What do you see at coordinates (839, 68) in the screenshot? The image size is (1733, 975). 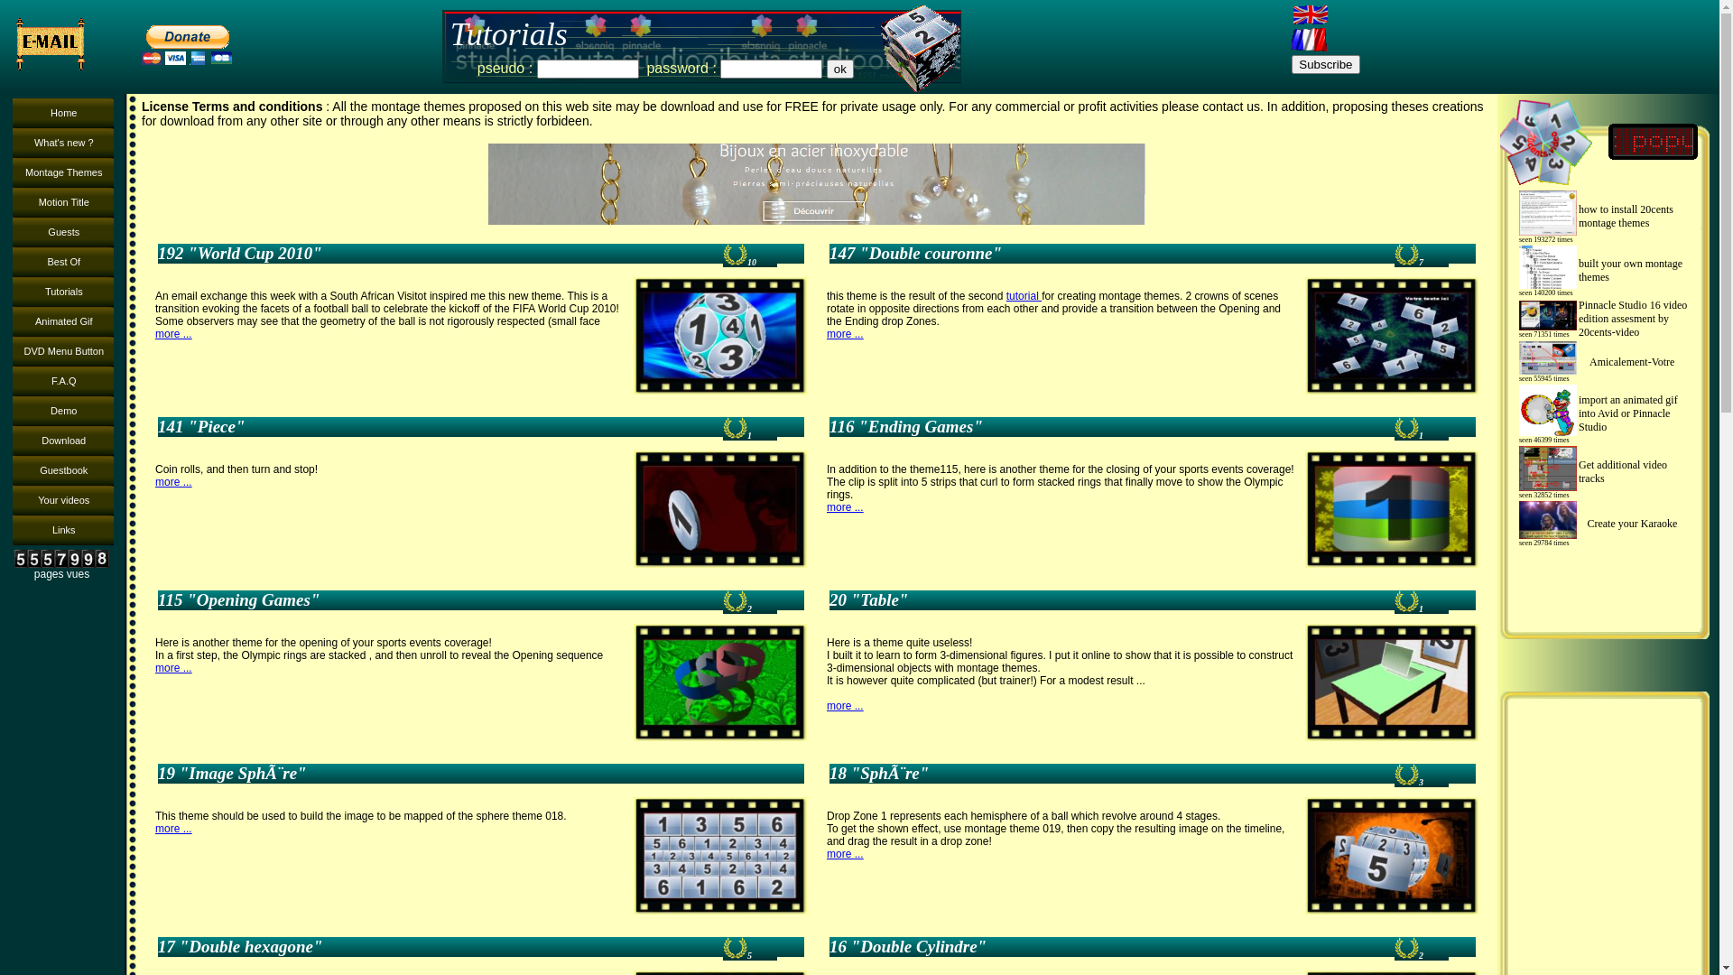 I see `'ok'` at bounding box center [839, 68].